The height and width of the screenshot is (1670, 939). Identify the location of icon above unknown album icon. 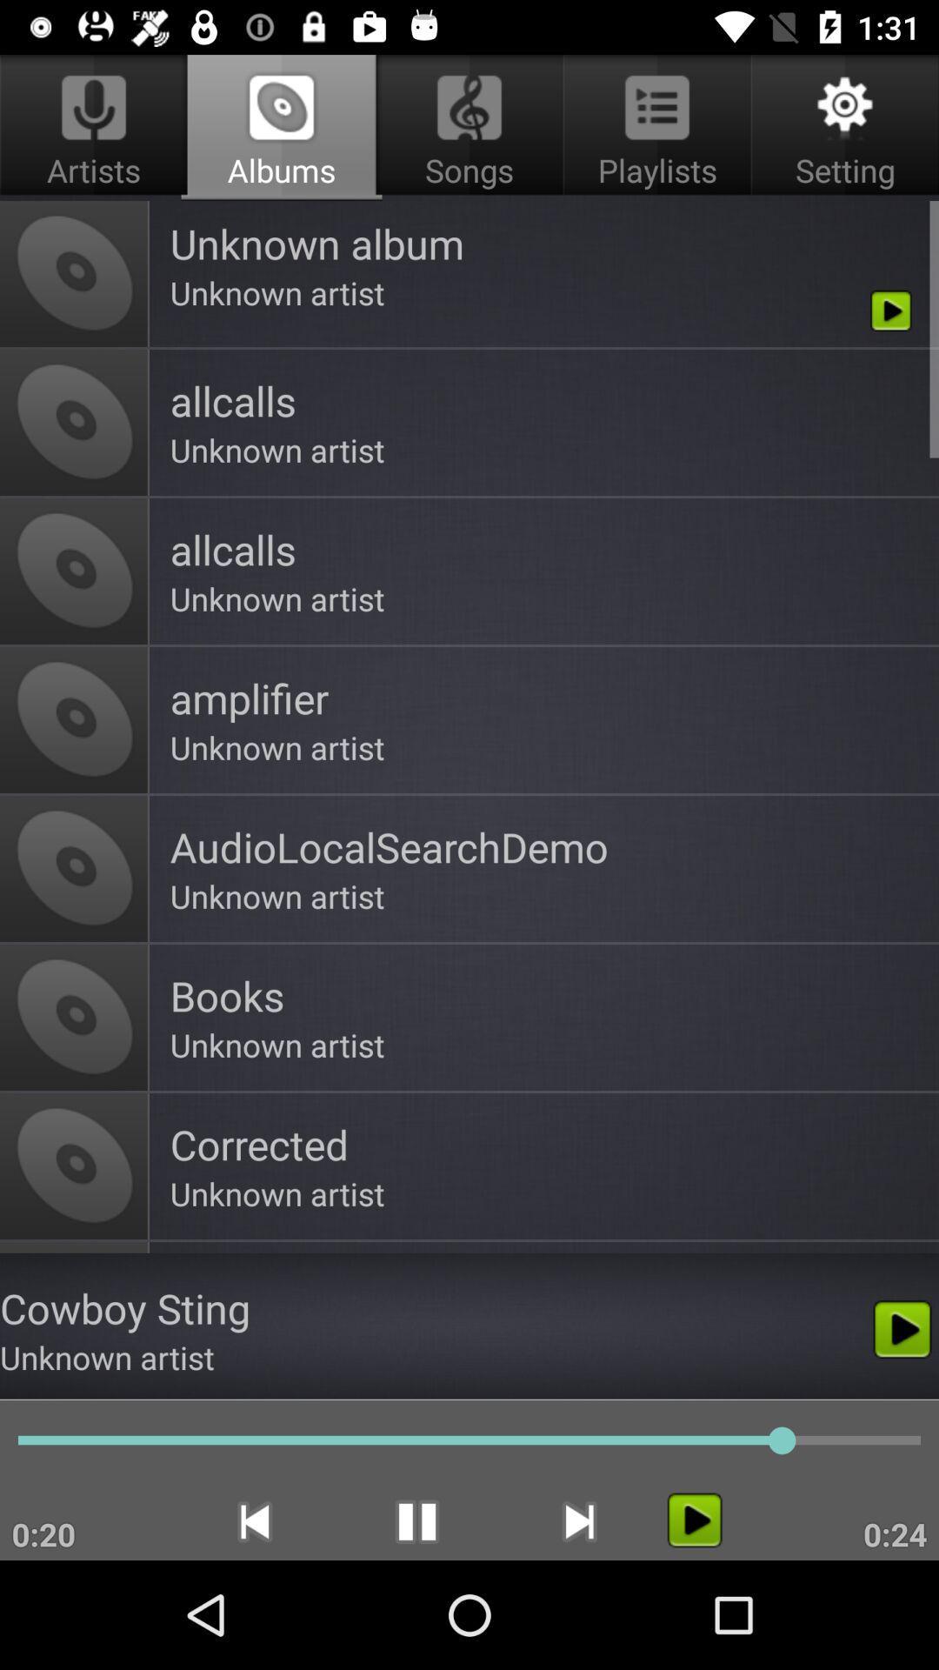
(841, 127).